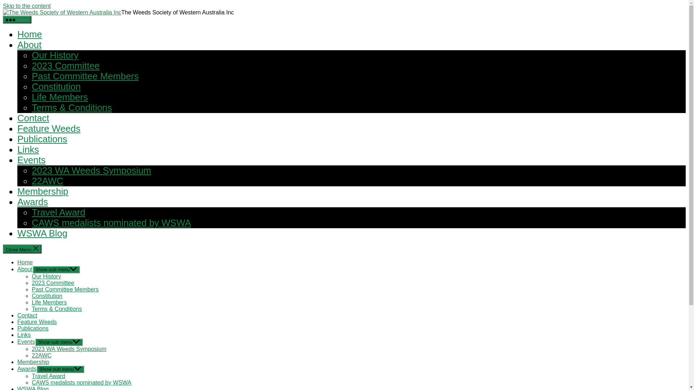 This screenshot has width=694, height=390. I want to click on 'Past Committee Members', so click(85, 76).